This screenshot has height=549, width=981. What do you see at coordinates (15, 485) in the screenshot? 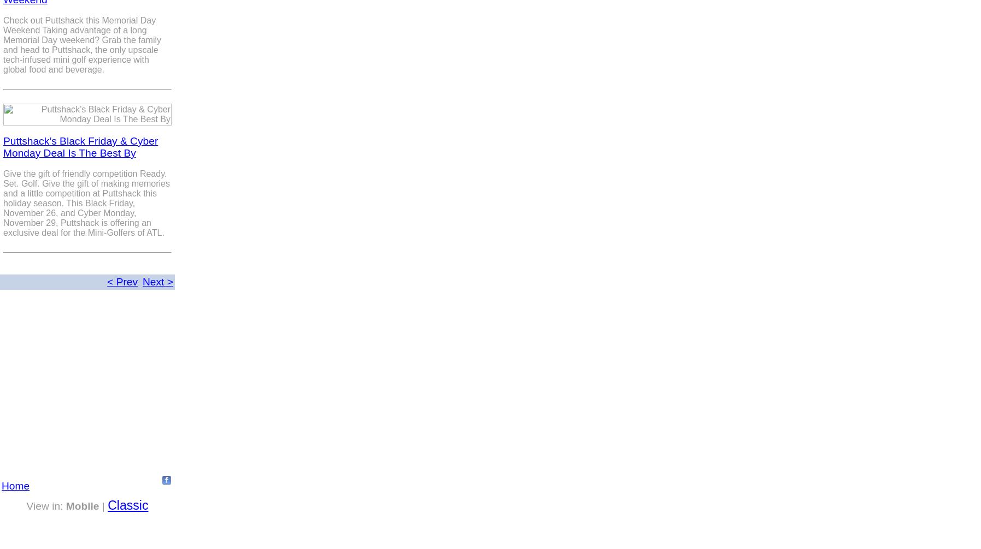
I see `'Home'` at bounding box center [15, 485].